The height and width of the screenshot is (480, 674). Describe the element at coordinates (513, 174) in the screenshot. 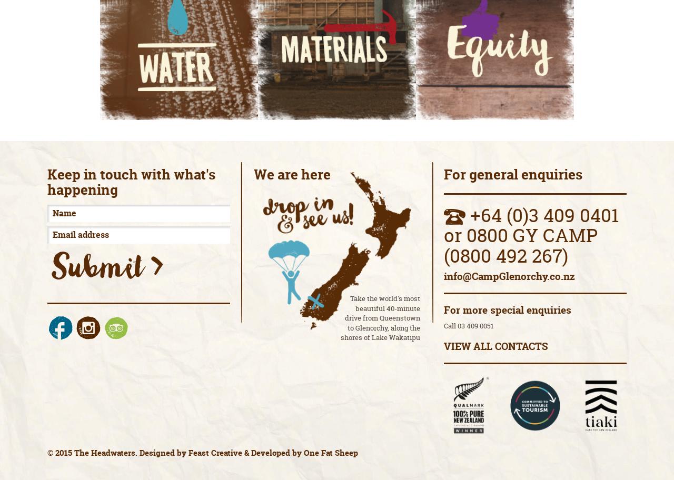

I see `'For general enquiries'` at that location.